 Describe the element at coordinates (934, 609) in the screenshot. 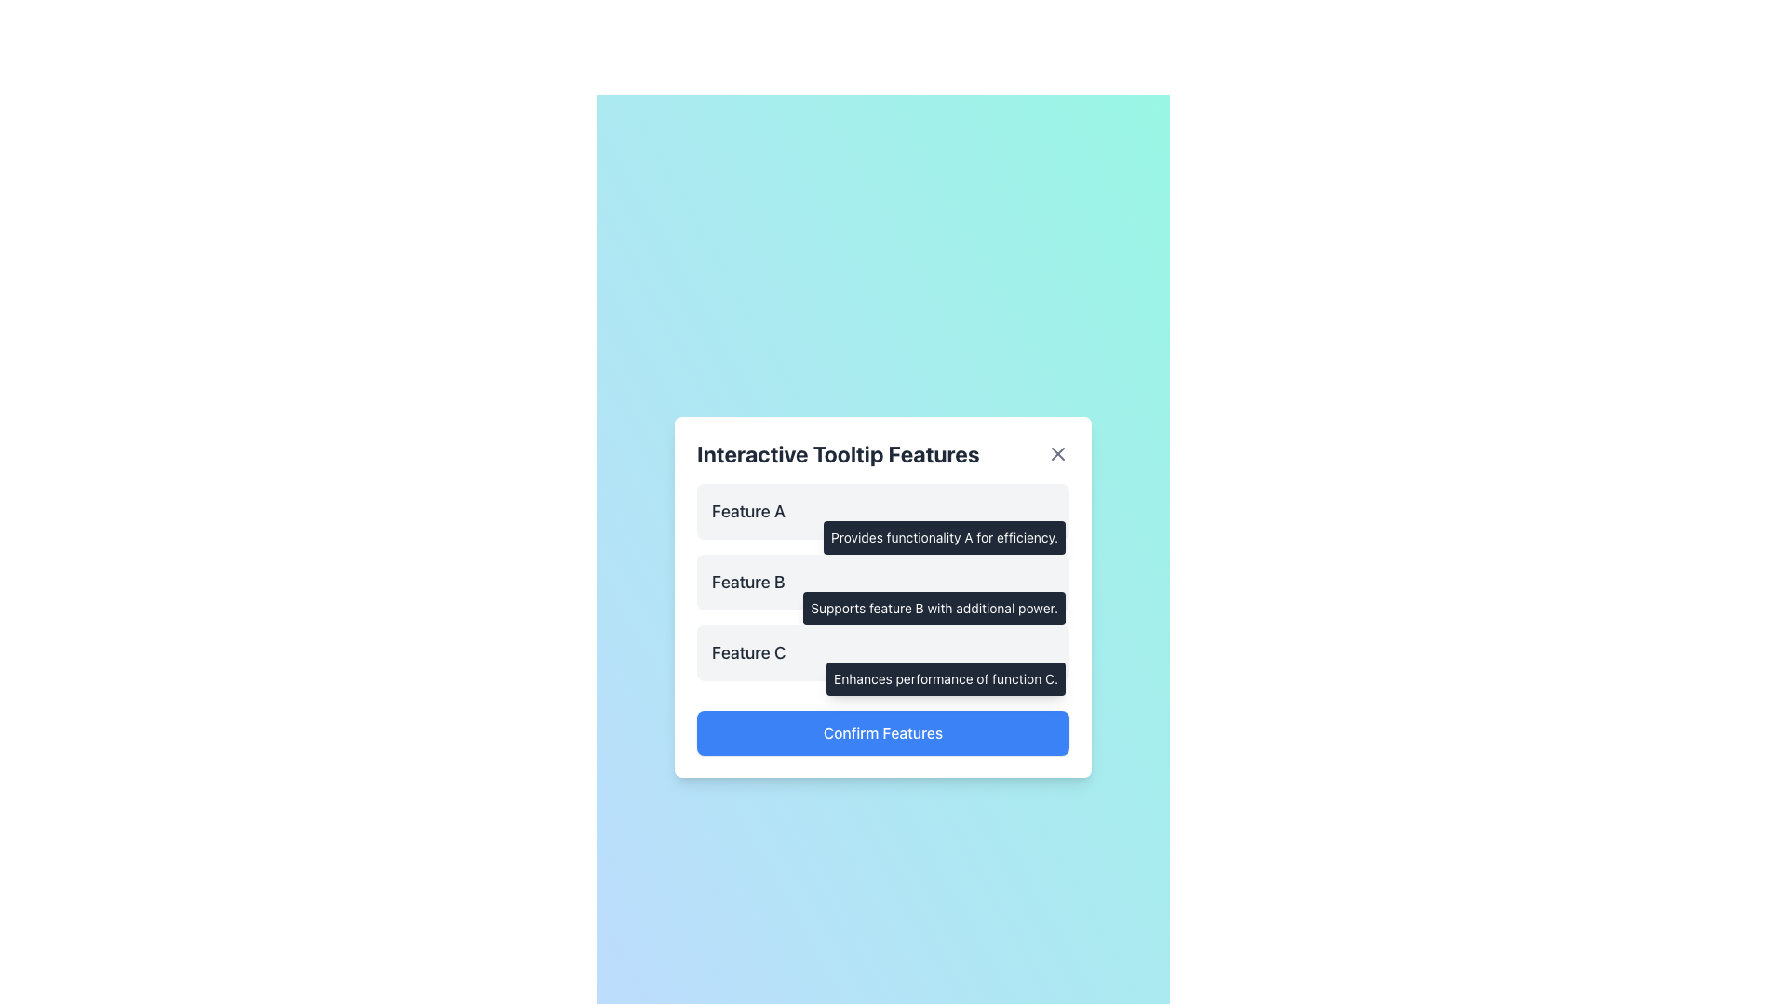

I see `tooltip that appears as a dark gray rectangular box with rounded corners, containing the text 'Supports feature B with additional power.' located to the right of the 'Feature B' label` at that location.